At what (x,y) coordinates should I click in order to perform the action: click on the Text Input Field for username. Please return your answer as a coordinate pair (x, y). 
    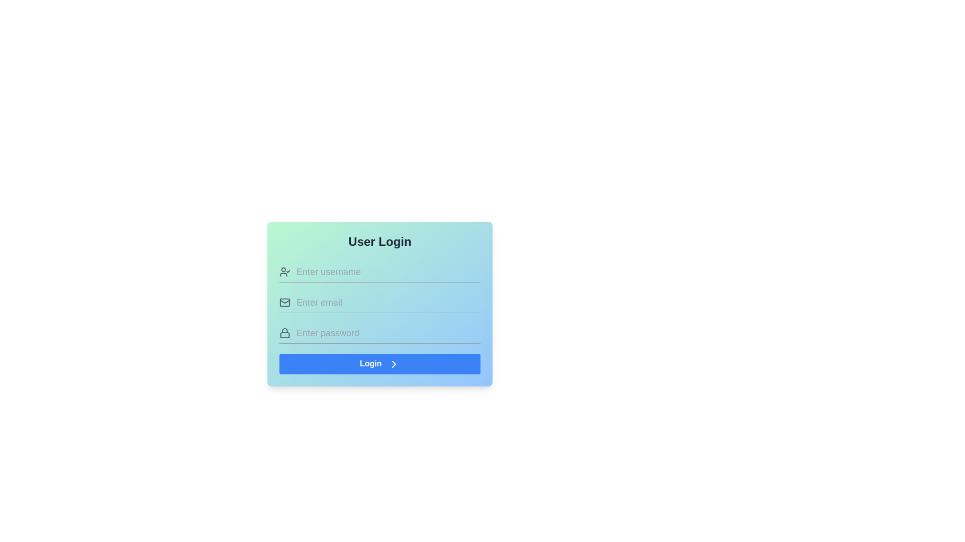
    Looking at the image, I should click on (388, 272).